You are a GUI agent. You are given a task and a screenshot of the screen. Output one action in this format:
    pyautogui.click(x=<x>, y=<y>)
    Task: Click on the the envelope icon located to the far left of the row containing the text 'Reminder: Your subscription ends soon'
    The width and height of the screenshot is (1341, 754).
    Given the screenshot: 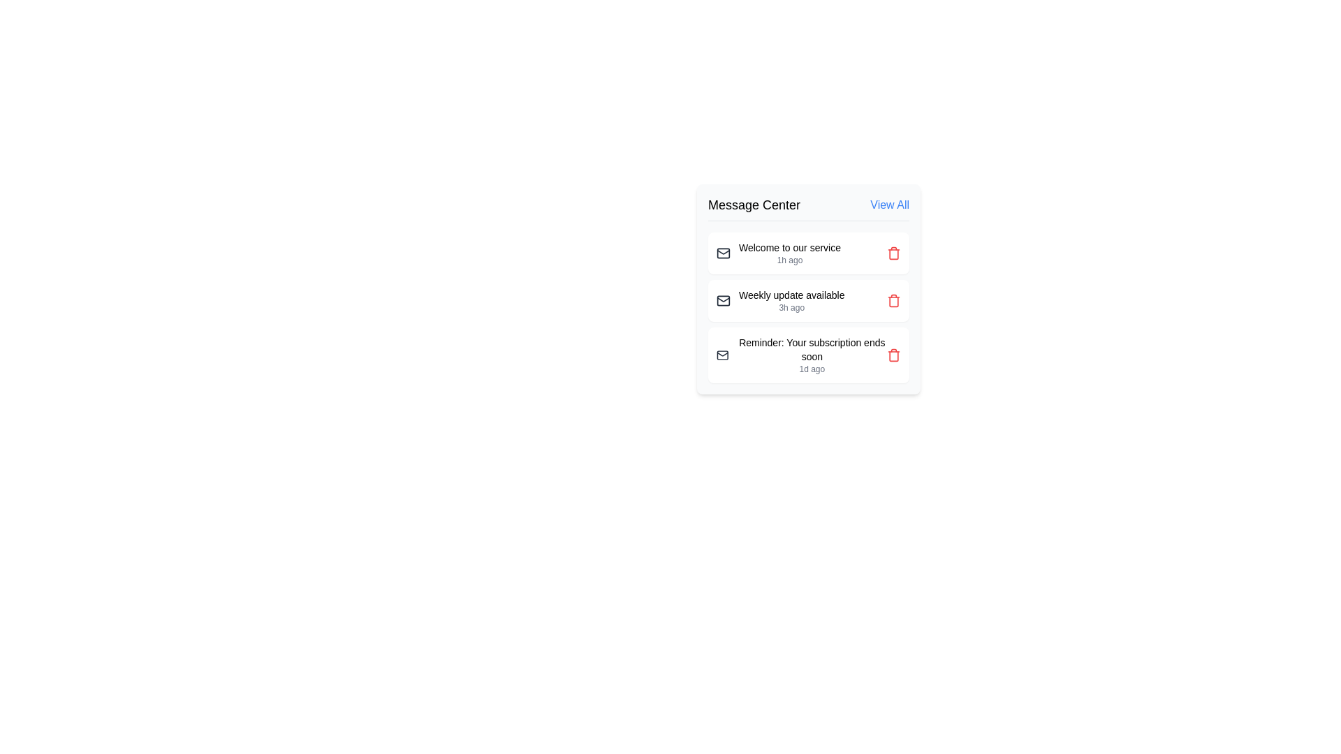 What is the action you would take?
    pyautogui.click(x=722, y=355)
    